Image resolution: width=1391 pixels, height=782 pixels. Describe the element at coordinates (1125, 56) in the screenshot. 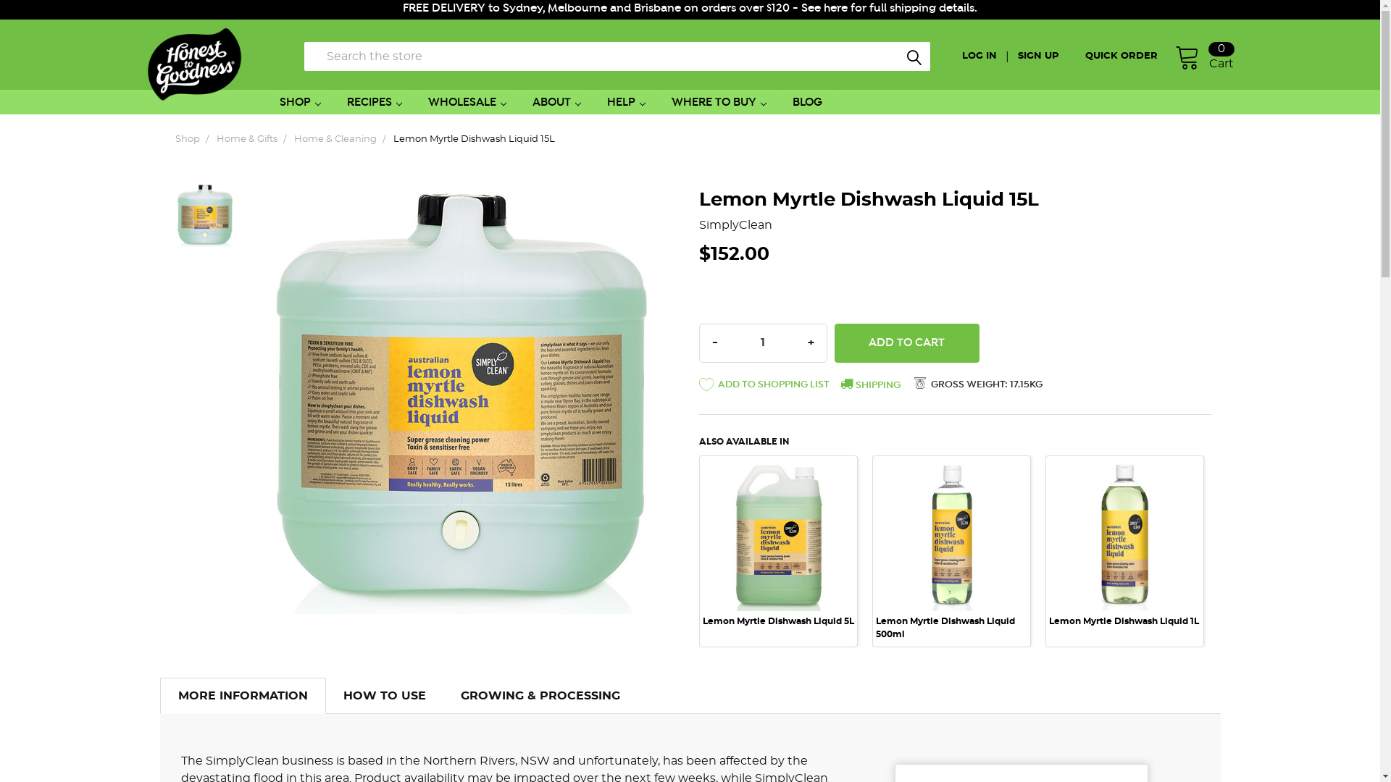

I see `'QUICK ORDER'` at that location.